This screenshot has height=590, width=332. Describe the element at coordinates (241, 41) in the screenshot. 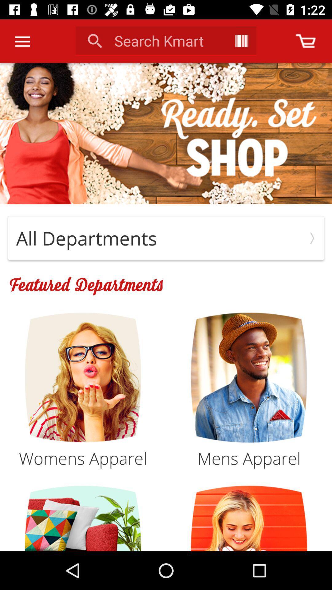

I see `the app to the right of search kmart` at that location.